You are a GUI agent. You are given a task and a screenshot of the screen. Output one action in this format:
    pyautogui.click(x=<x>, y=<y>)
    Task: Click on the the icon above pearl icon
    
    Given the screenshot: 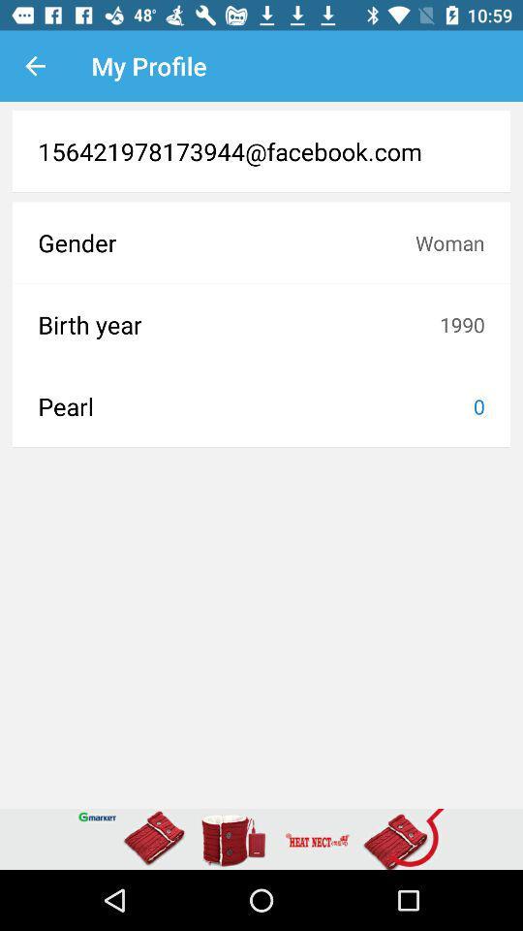 What is the action you would take?
    pyautogui.click(x=238, y=324)
    